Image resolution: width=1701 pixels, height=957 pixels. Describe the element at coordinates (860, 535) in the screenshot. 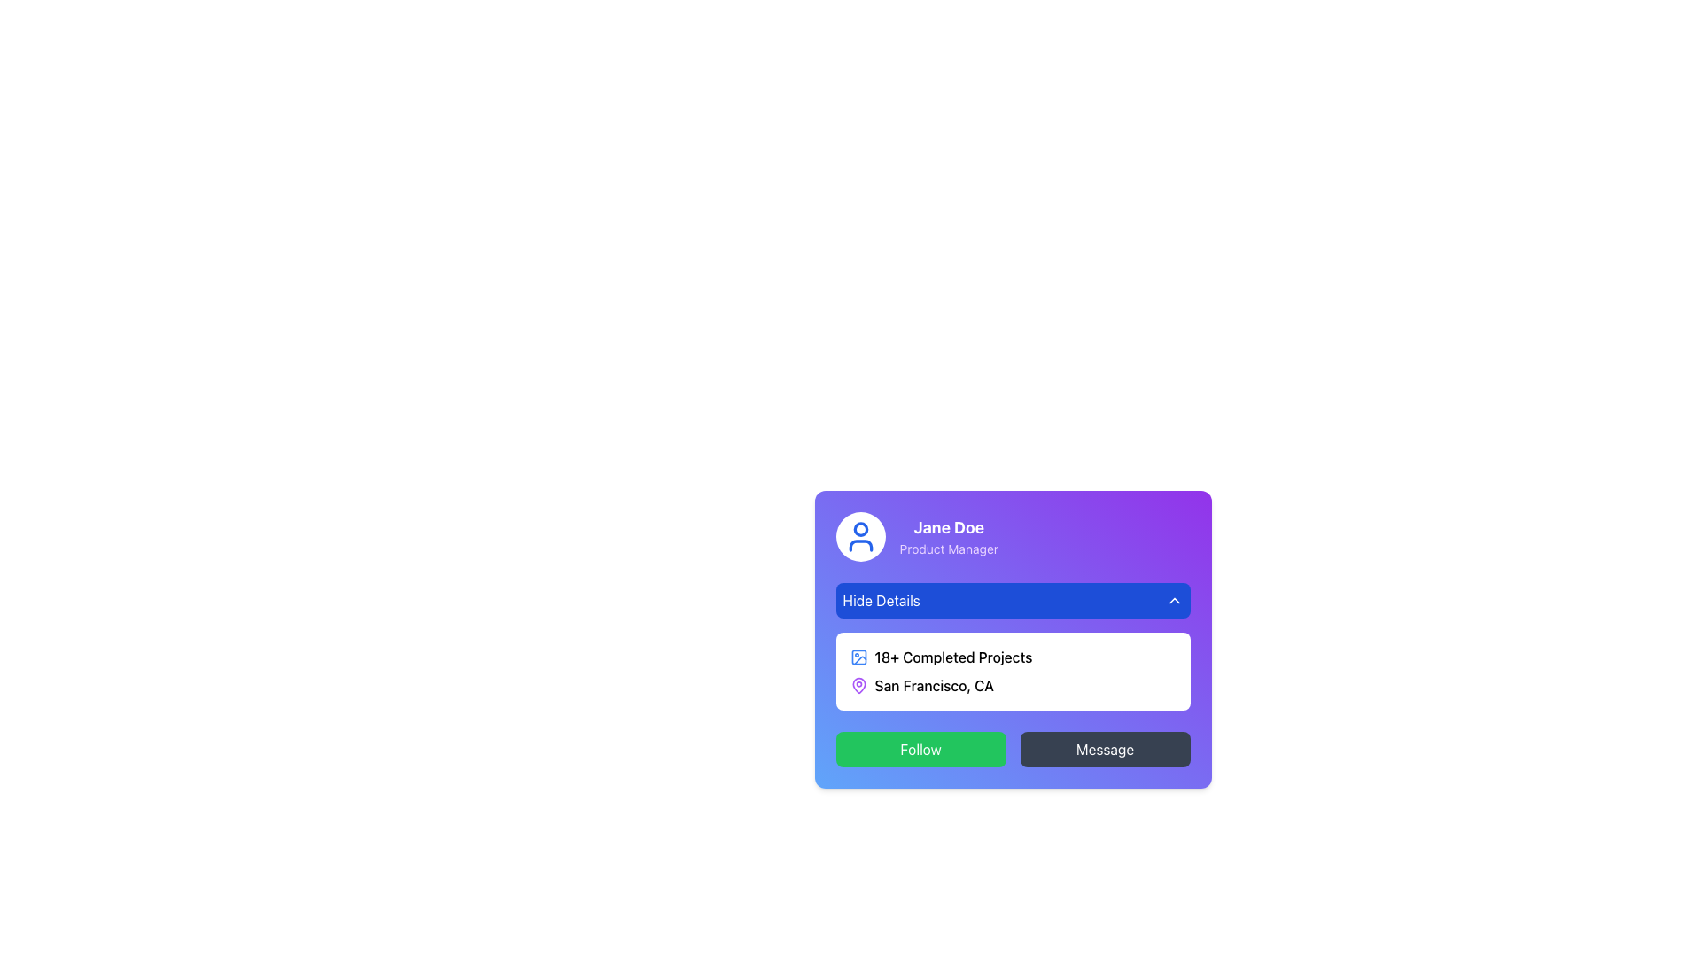

I see `the user profile icon, which is a white circular area with a blue user silhouette, located at the top-left of its containing box with a gradient purple background` at that location.